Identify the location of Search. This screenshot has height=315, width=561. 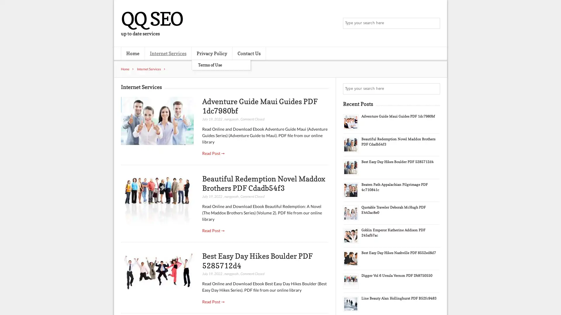
(434, 23).